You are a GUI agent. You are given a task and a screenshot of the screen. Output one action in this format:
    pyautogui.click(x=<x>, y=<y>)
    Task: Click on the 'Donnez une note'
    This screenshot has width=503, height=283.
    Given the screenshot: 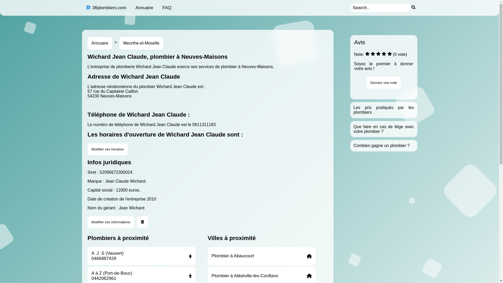 What is the action you would take?
    pyautogui.click(x=366, y=83)
    